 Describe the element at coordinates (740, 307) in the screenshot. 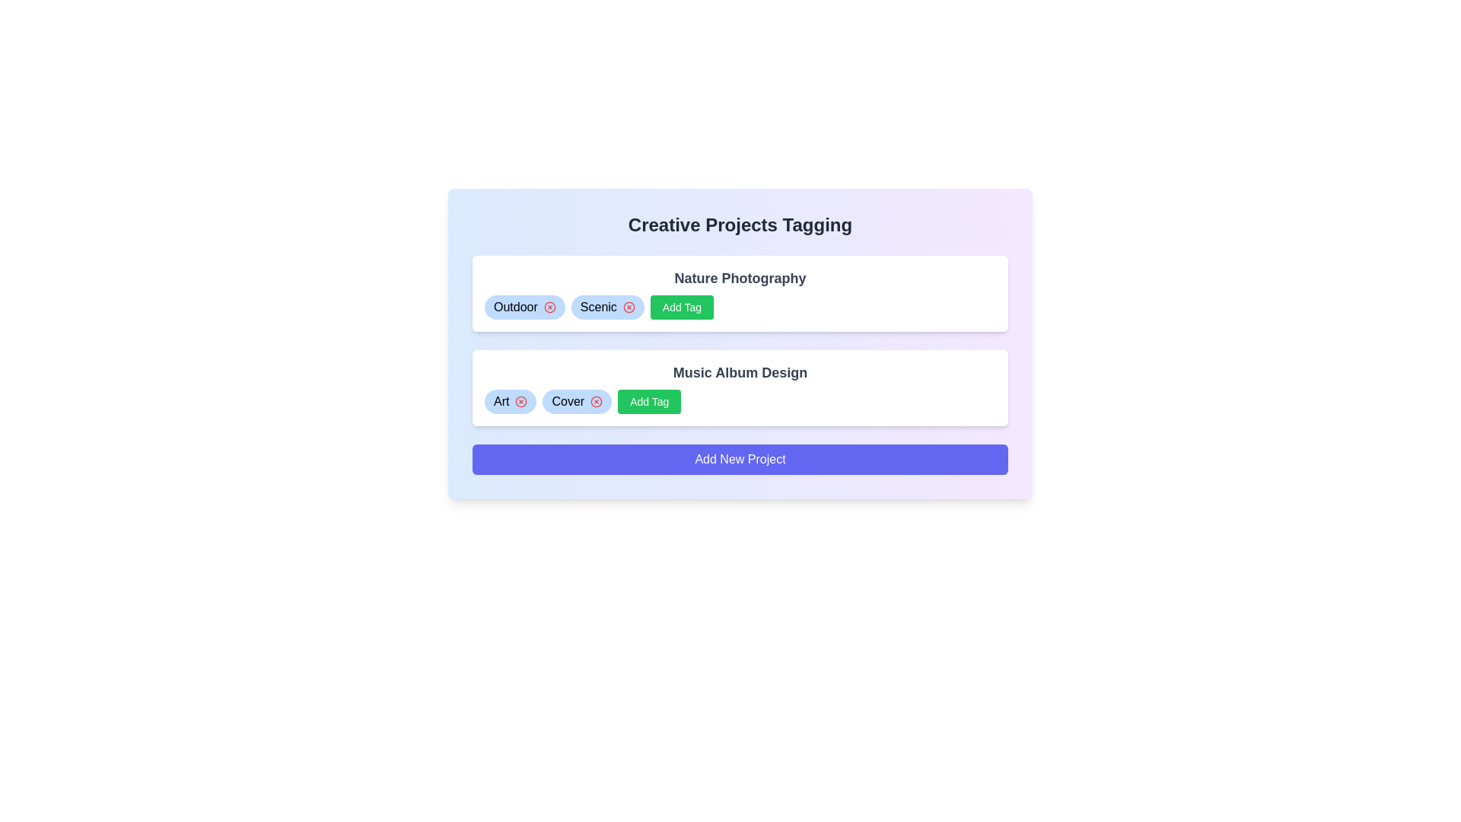

I see `the interactive tags within the tag management interface of the 'Nature Photography' section` at that location.